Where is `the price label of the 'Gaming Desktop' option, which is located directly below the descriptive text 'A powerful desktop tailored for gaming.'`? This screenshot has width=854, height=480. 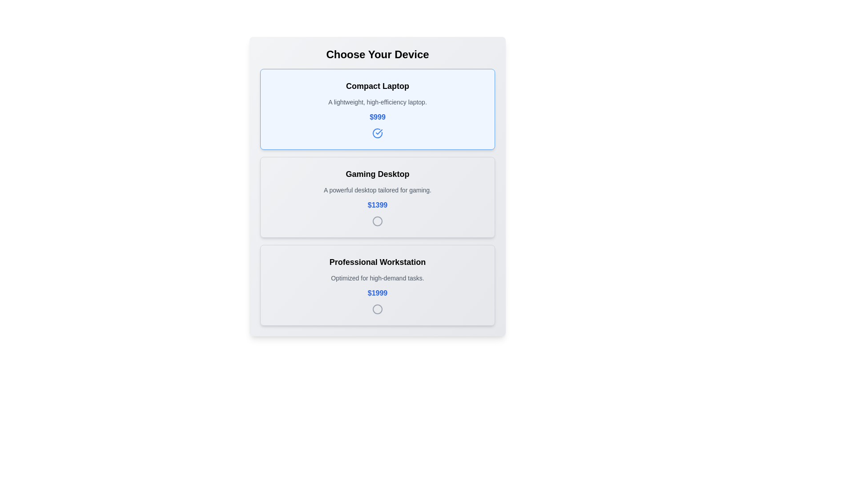 the price label of the 'Gaming Desktop' option, which is located directly below the descriptive text 'A powerful desktop tailored for gaming.' is located at coordinates (378, 205).